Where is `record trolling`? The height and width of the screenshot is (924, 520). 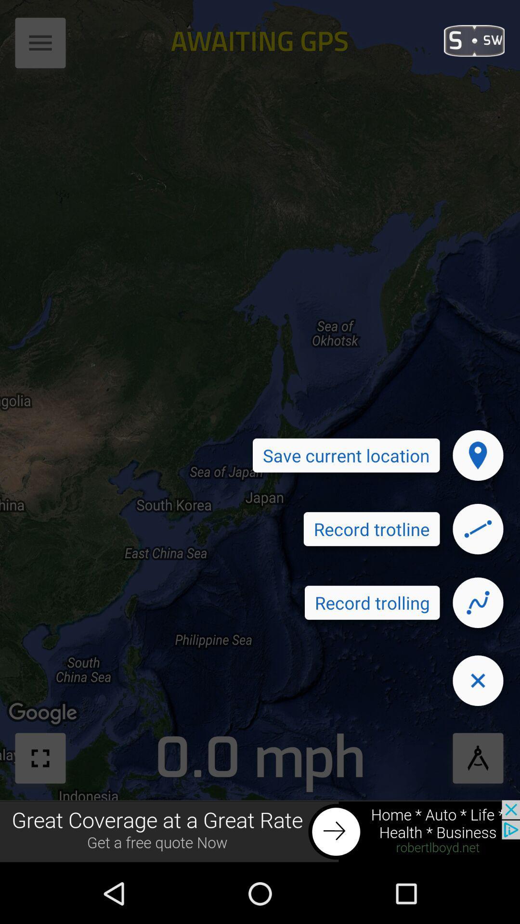 record trolling is located at coordinates (478, 602).